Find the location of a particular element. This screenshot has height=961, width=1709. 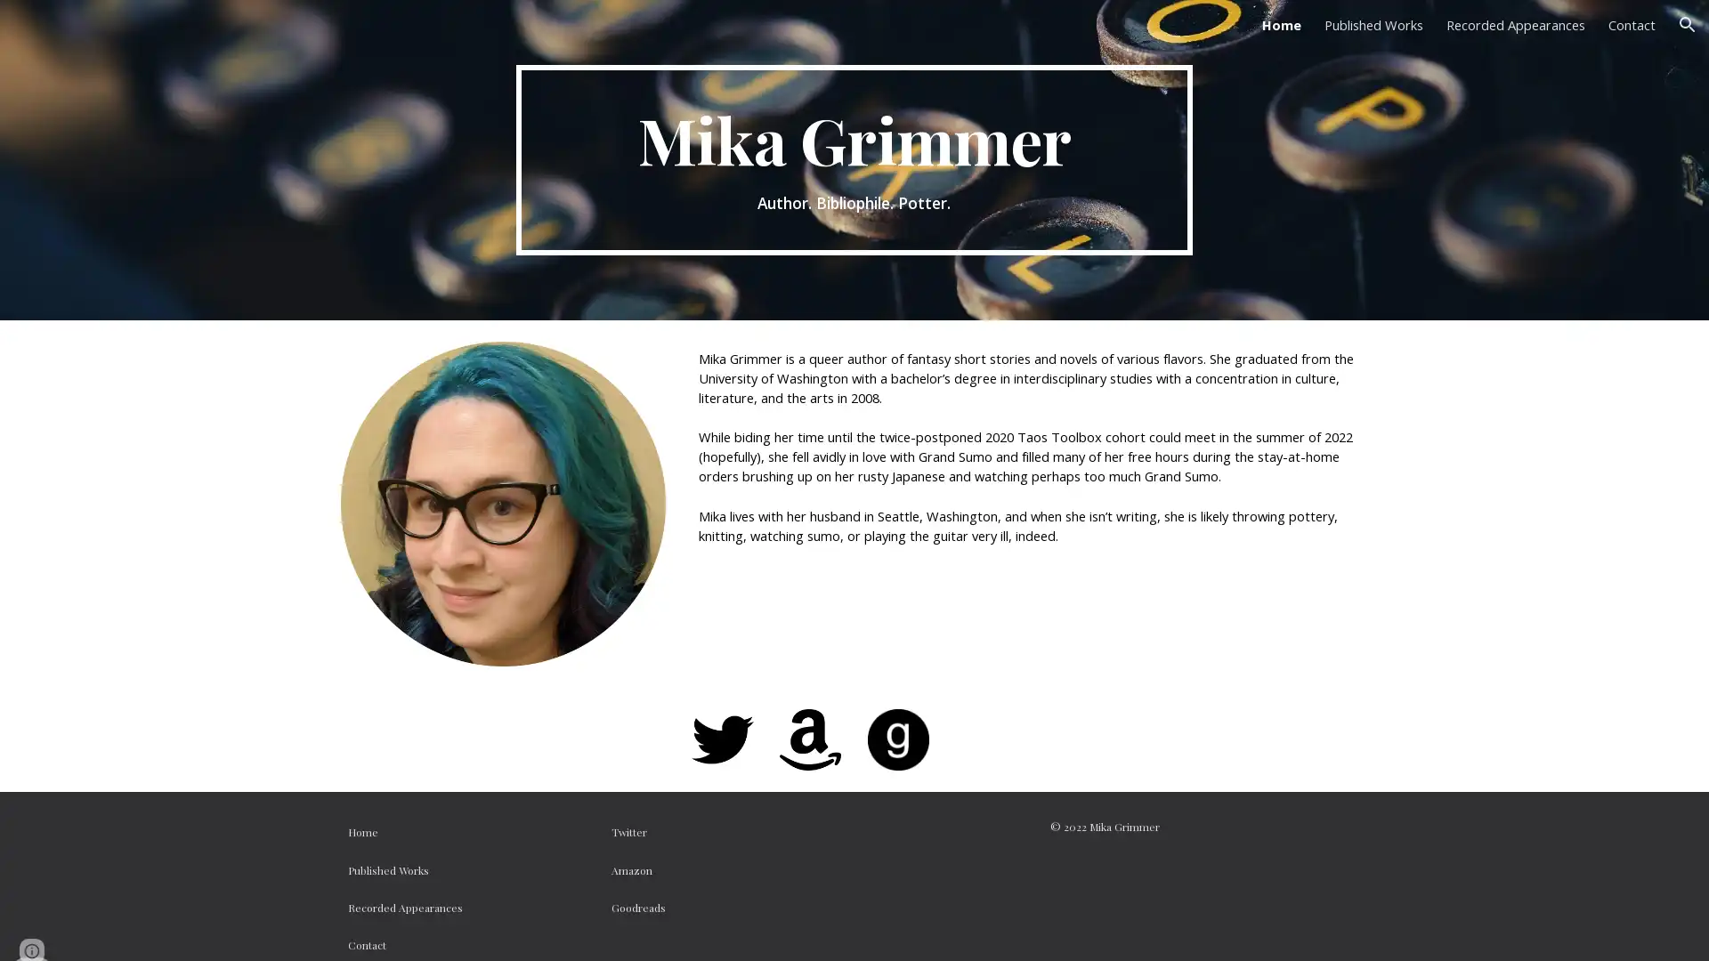

Skip to navigation is located at coordinates (1014, 33).